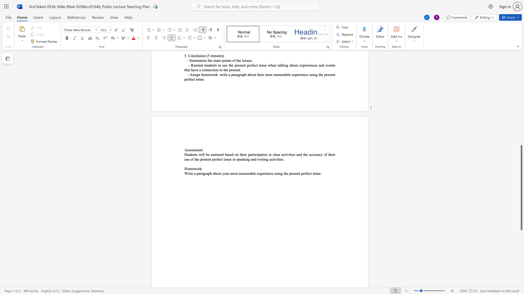 The image size is (524, 294). What do you see at coordinates (208, 173) in the screenshot?
I see `the space between the continuous character "a" and "p" in the text` at bounding box center [208, 173].